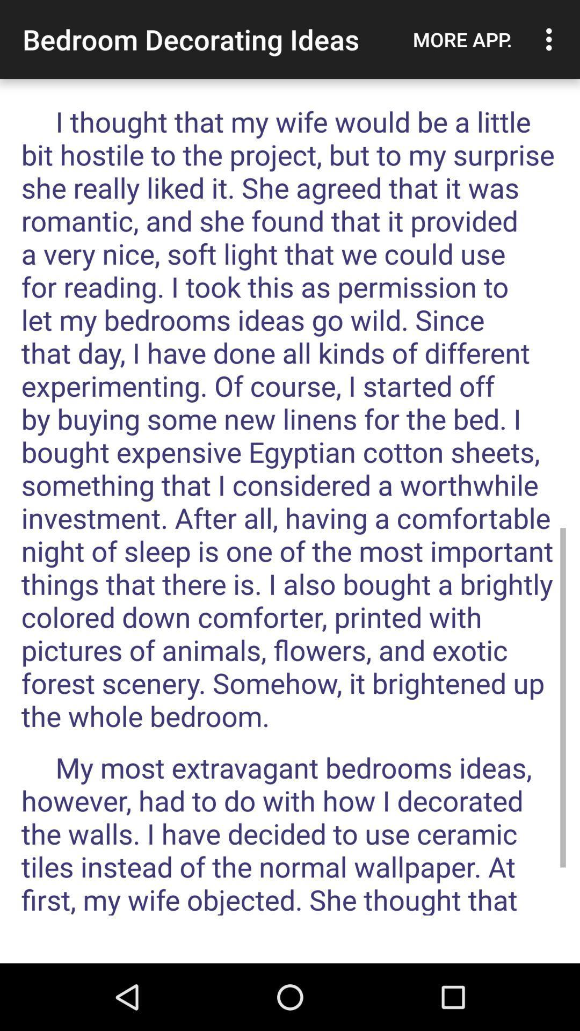 Image resolution: width=580 pixels, height=1031 pixels. Describe the element at coordinates (552, 39) in the screenshot. I see `item to the right of the more app.` at that location.